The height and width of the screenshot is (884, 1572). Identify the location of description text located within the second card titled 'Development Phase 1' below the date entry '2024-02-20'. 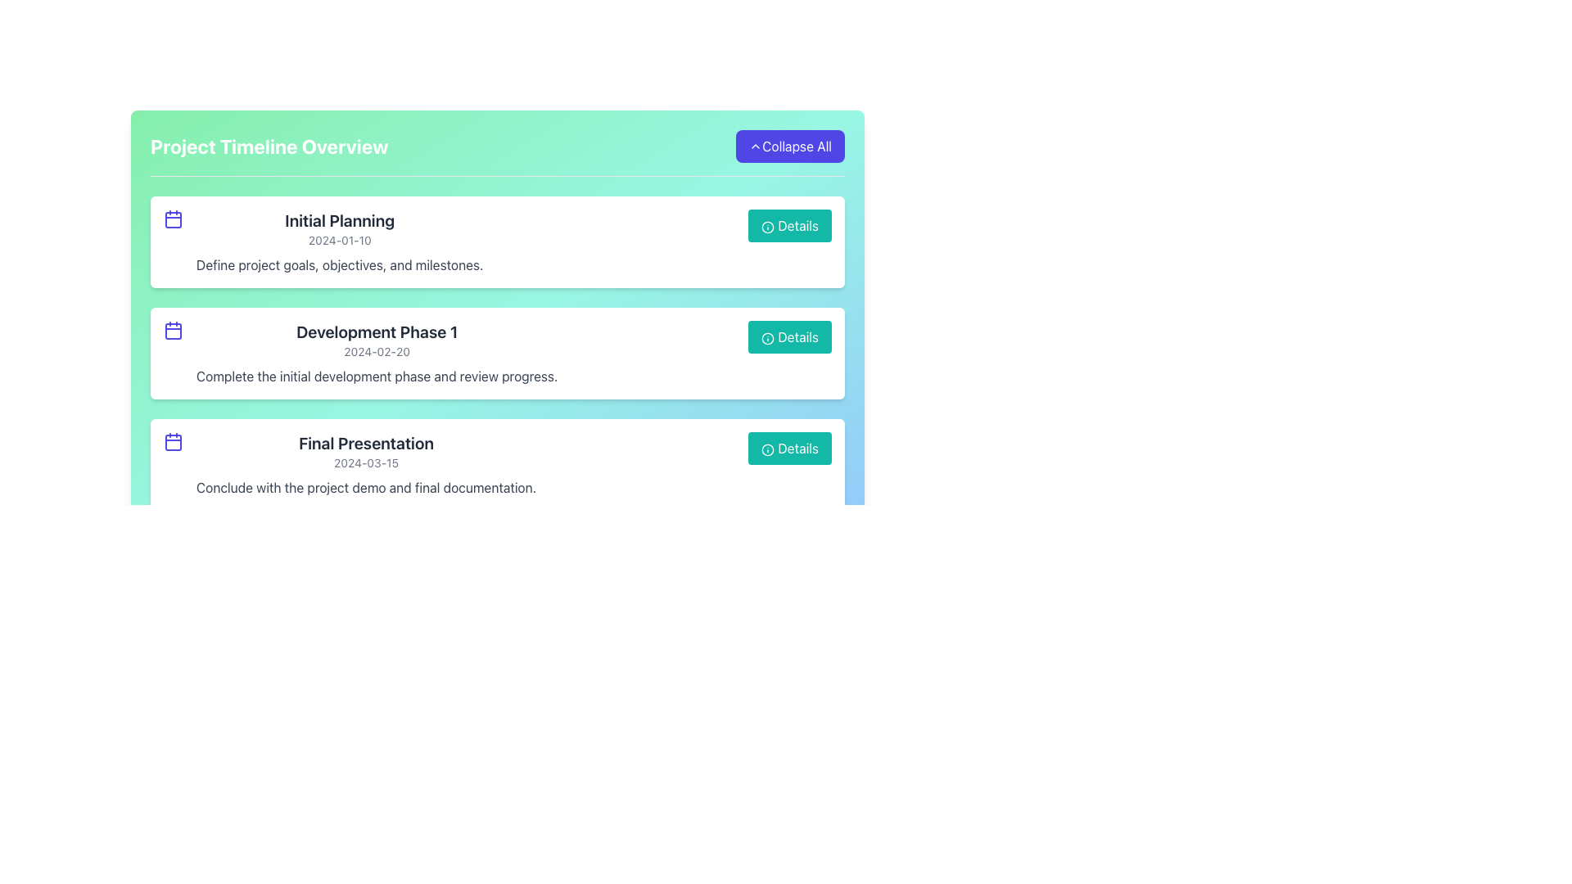
(376, 376).